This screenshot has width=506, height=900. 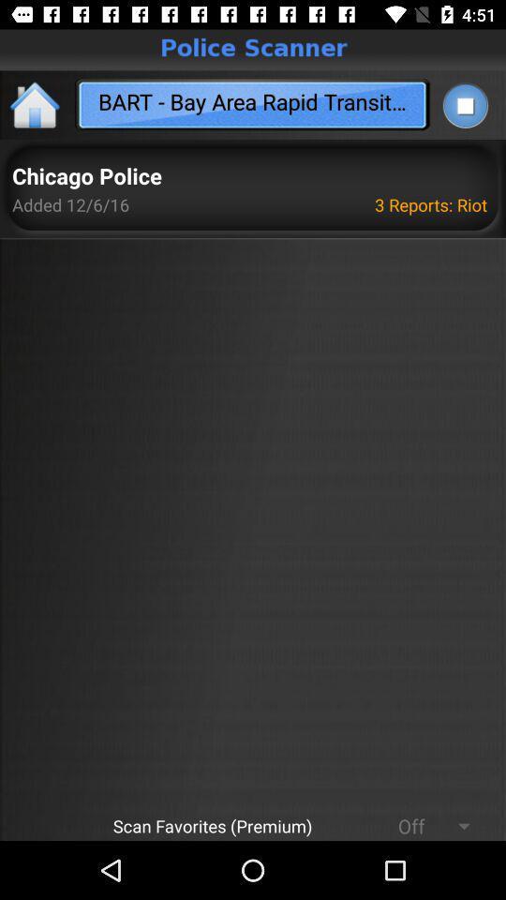 What do you see at coordinates (85, 177) in the screenshot?
I see `the app to the left of 3 reports: riot app` at bounding box center [85, 177].